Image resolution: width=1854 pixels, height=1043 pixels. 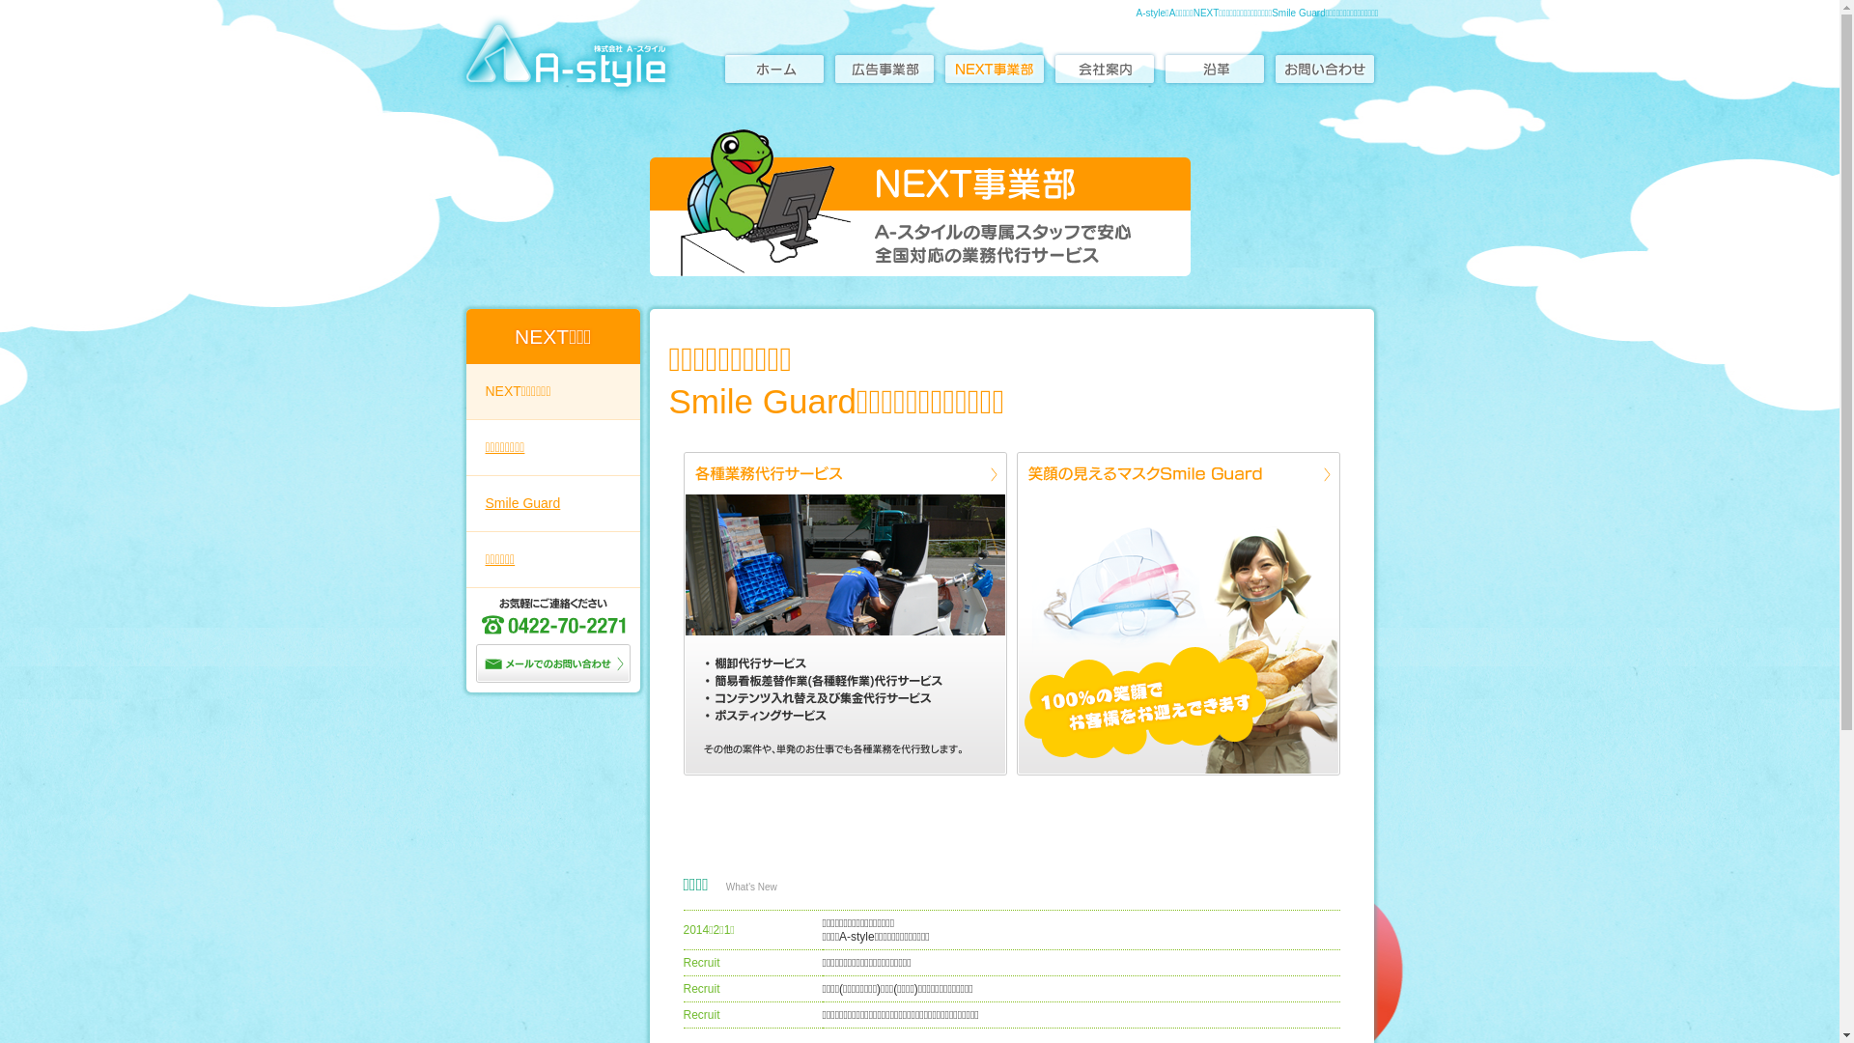 I want to click on 'Smile Guard', so click(x=550, y=502).